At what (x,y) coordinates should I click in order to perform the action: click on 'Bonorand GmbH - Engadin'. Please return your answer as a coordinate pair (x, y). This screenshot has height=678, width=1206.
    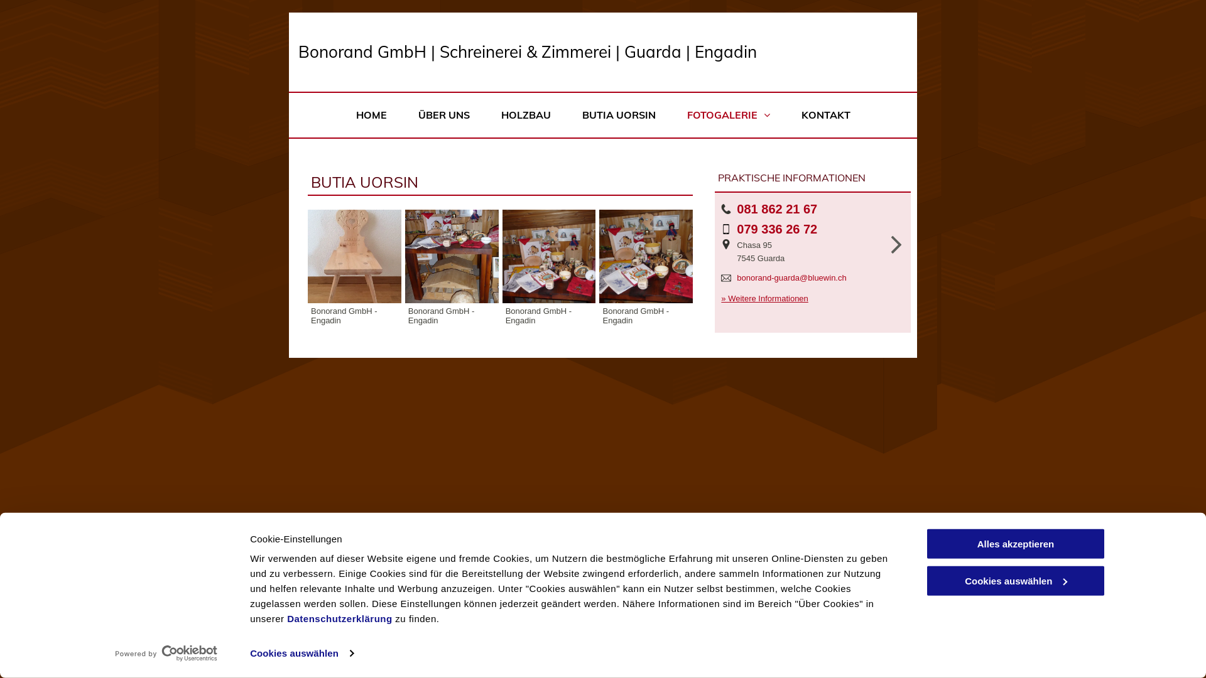
    Looking at the image, I should click on (452, 256).